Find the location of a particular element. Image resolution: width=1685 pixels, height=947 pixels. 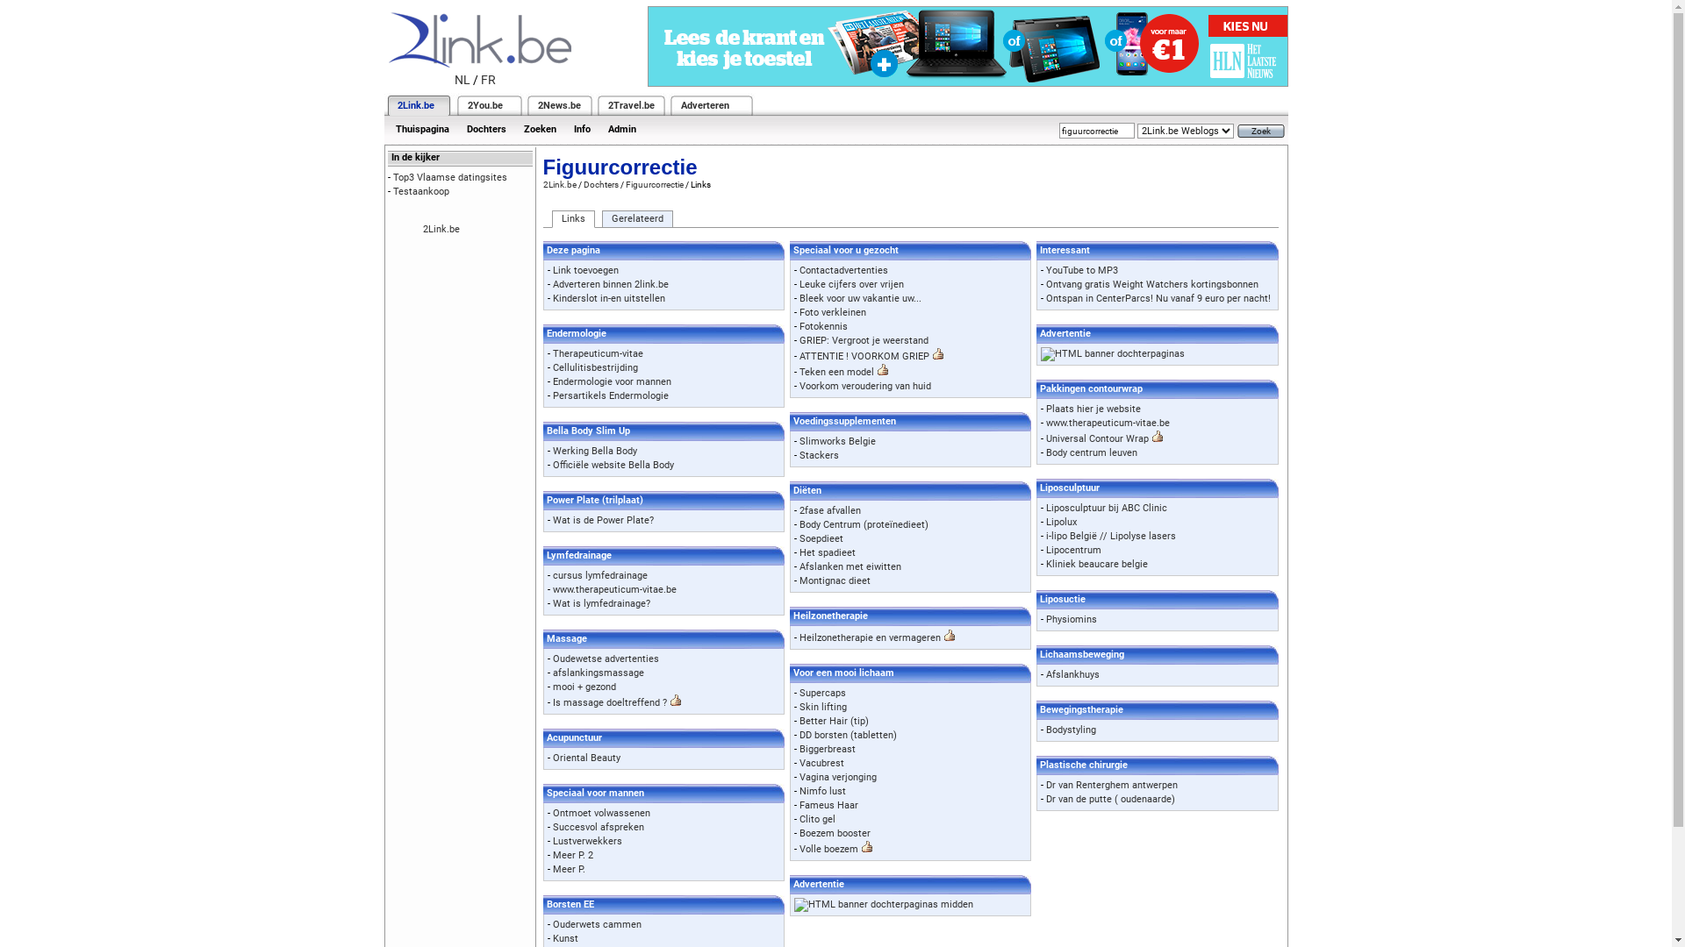

'Ontmoet volwassenen' is located at coordinates (601, 813).